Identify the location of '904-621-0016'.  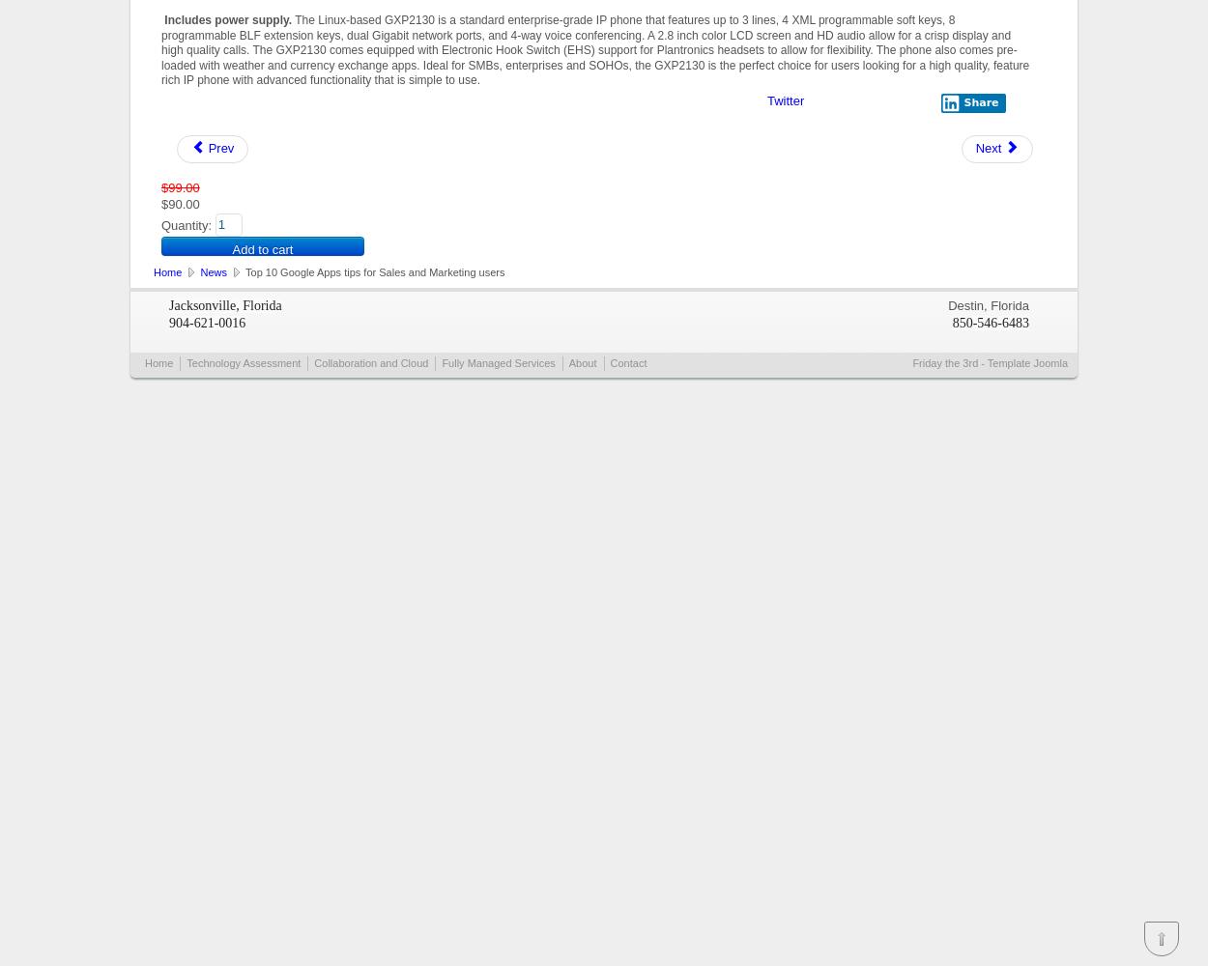
(206, 322).